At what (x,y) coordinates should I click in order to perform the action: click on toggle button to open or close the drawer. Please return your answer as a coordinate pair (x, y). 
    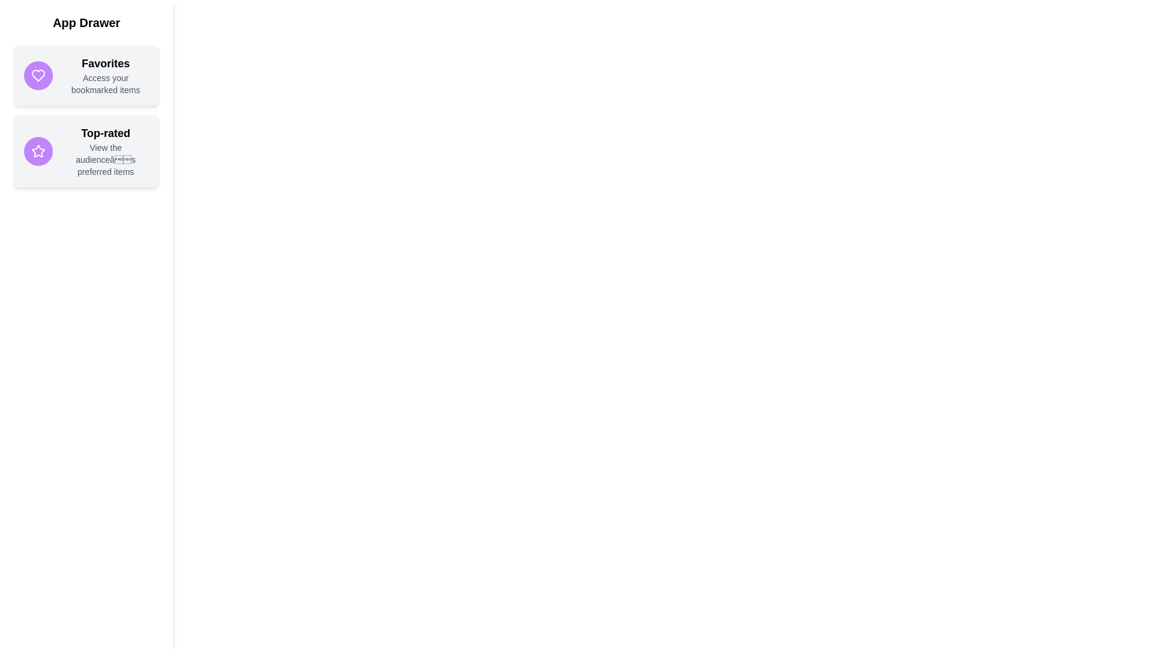
    Looking at the image, I should click on (26, 26).